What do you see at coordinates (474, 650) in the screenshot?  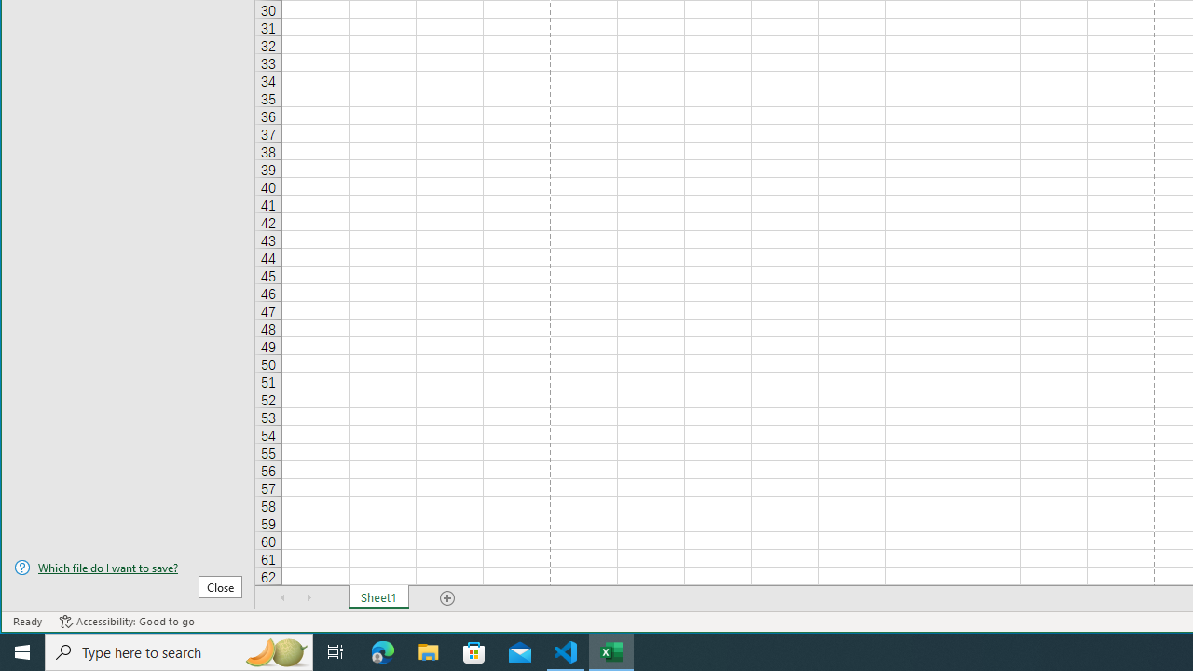 I see `'Microsoft Store'` at bounding box center [474, 650].